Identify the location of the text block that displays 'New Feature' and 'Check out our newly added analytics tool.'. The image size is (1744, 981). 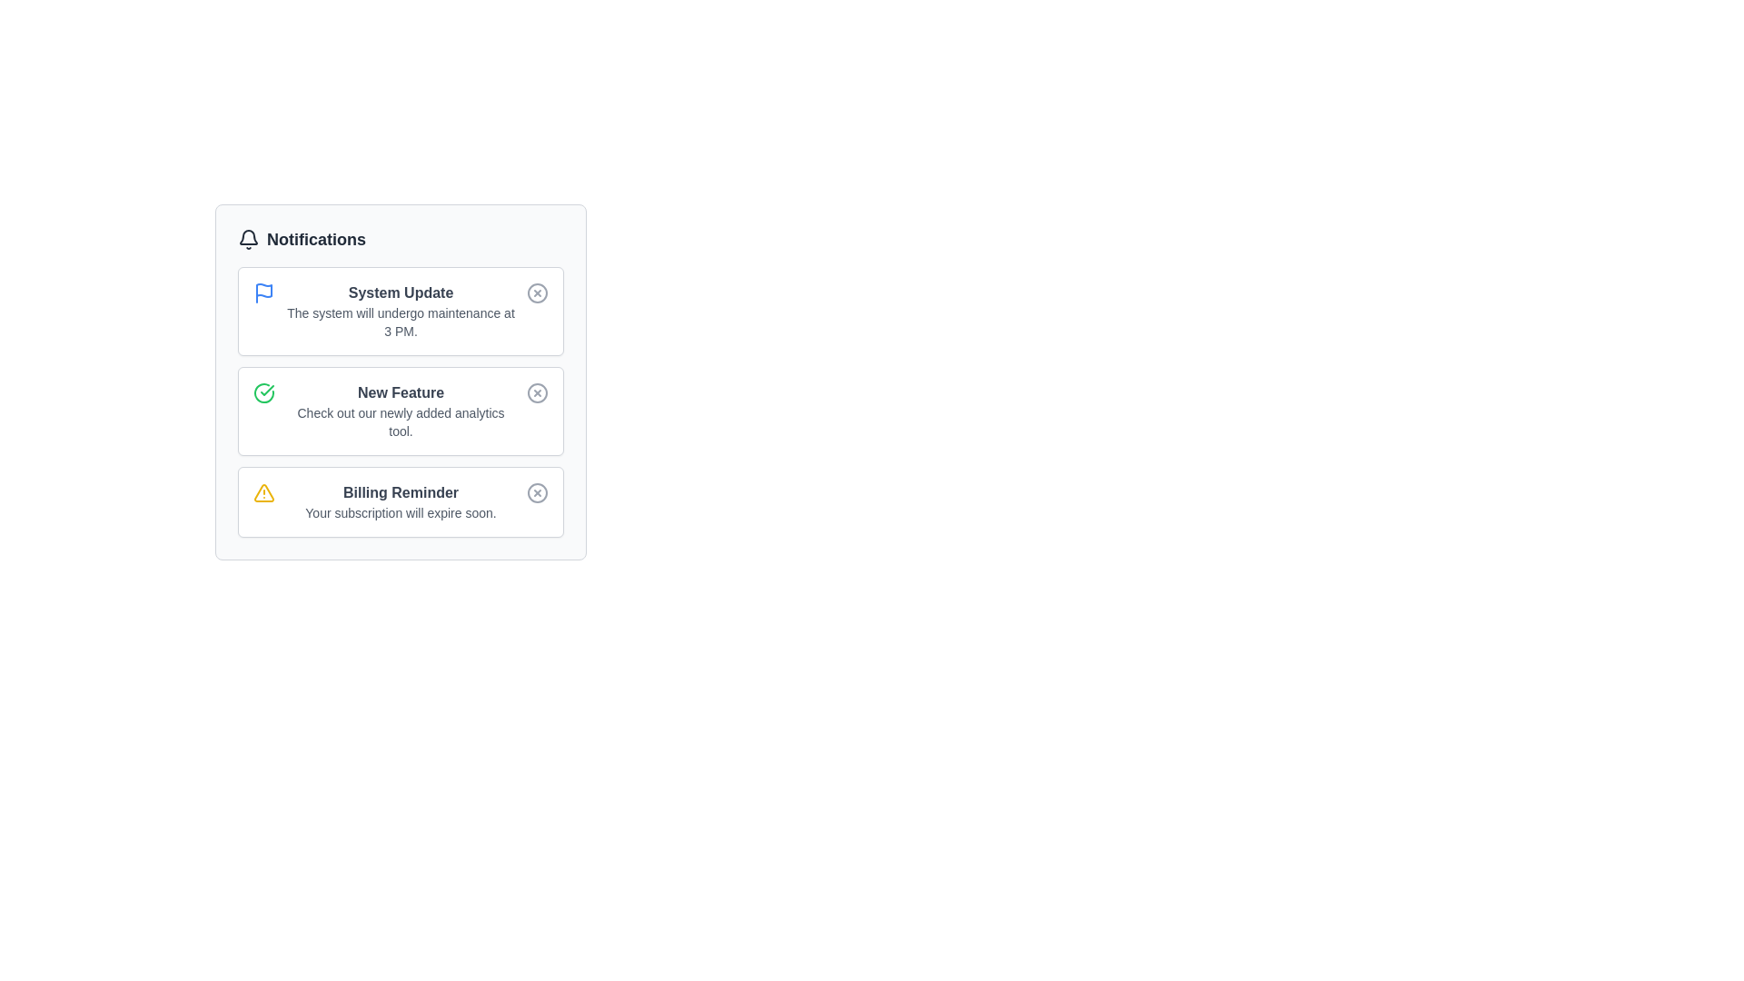
(400, 411).